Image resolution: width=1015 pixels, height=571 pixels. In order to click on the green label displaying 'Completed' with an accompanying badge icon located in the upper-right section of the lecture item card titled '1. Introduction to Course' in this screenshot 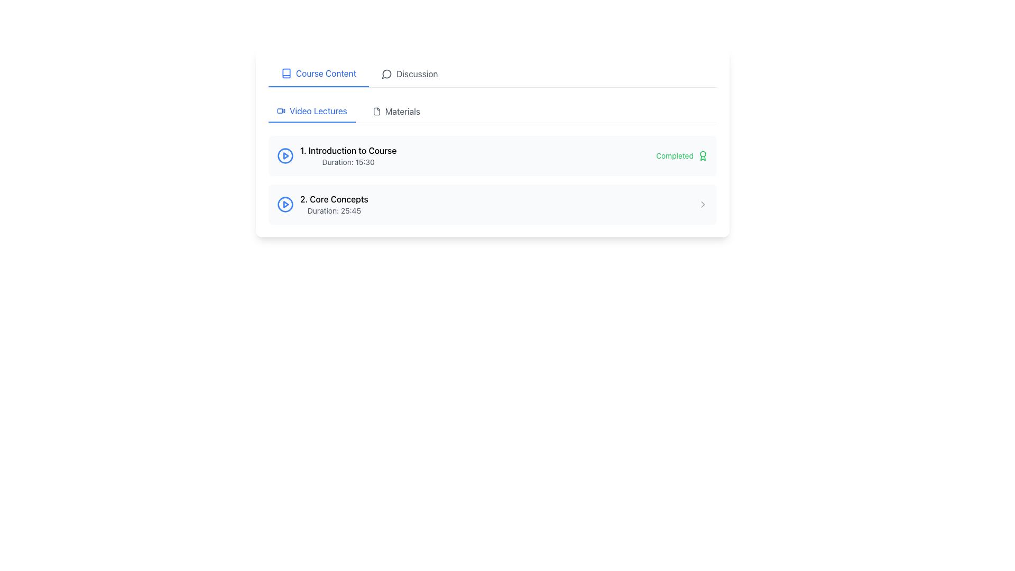, I will do `click(682, 155)`.